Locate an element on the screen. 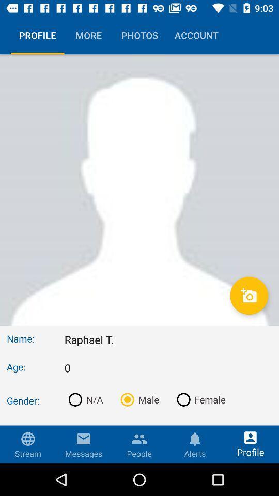 Image resolution: width=279 pixels, height=496 pixels. item to the right of more: item is located at coordinates (168, 454).